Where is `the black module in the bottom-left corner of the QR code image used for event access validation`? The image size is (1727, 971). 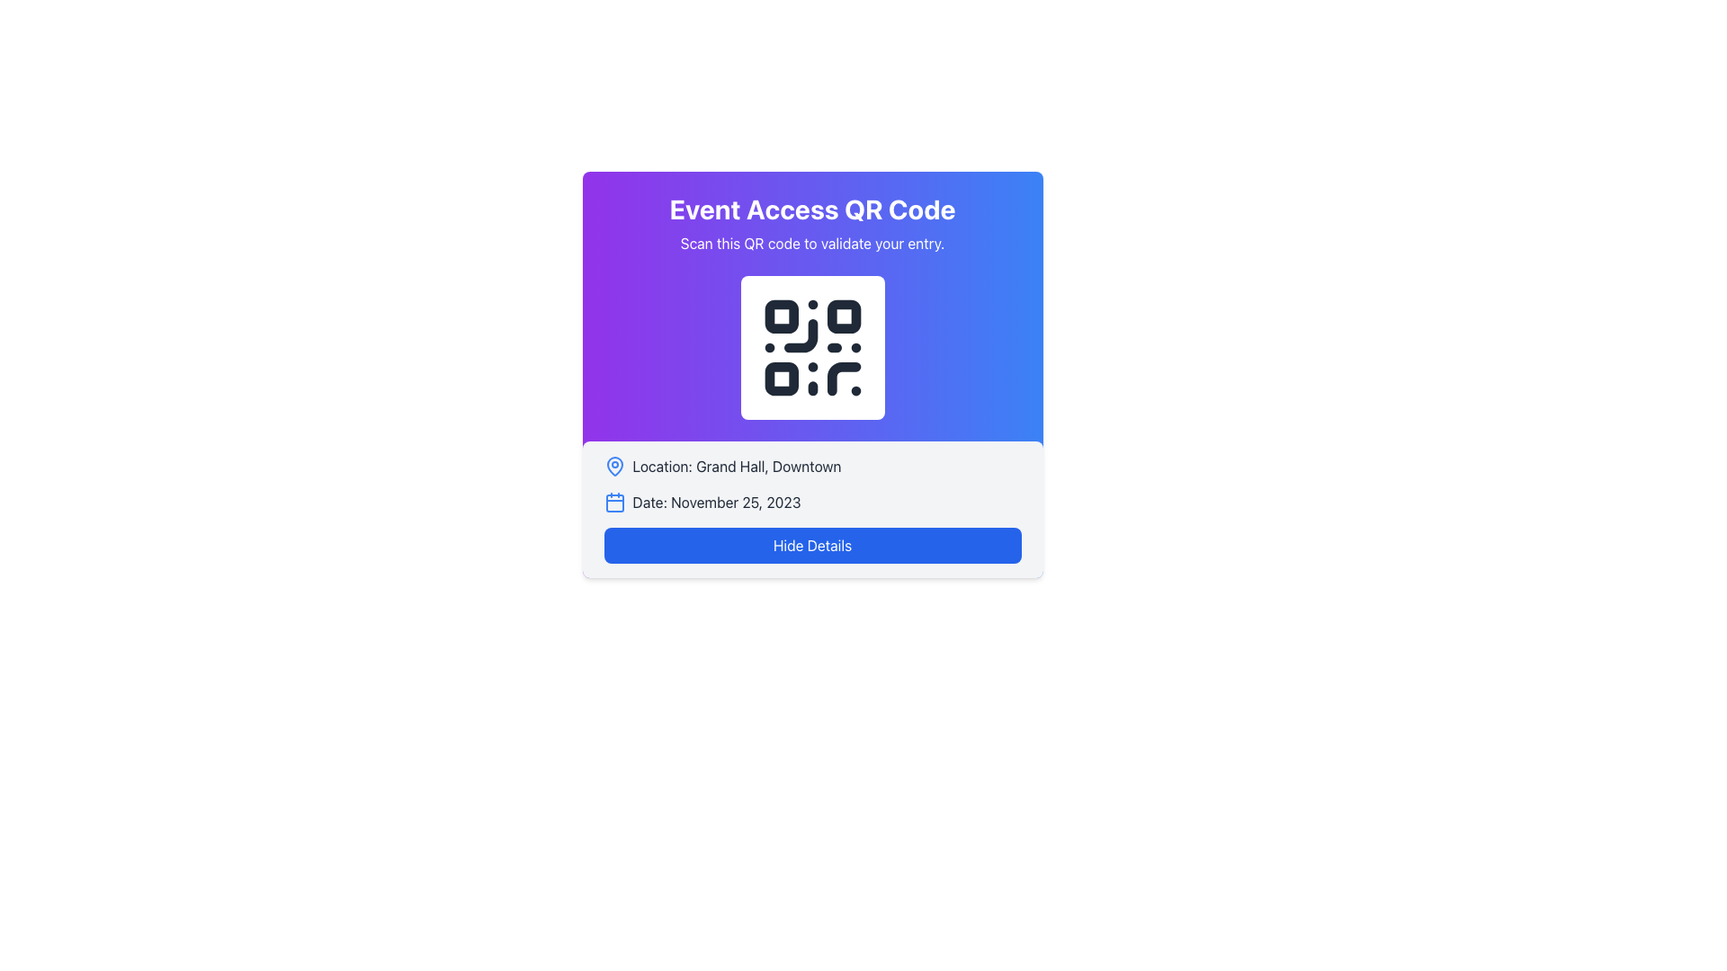 the black module in the bottom-left corner of the QR code image used for event access validation is located at coordinates (781, 378).